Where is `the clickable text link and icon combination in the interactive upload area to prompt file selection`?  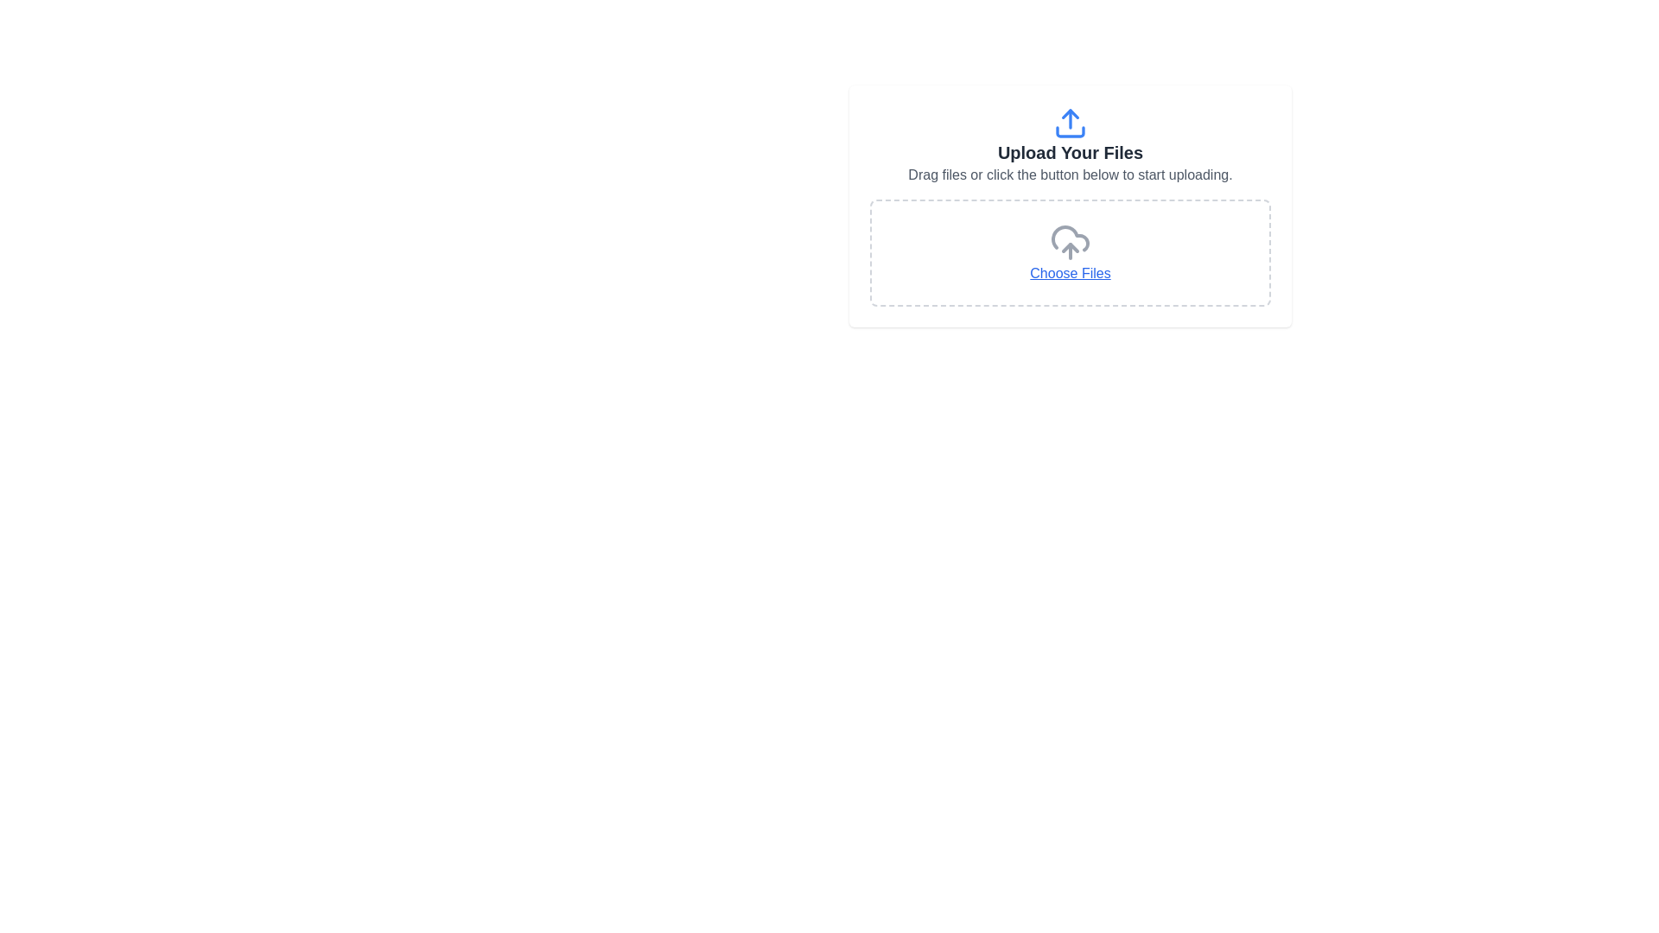 the clickable text link and icon combination in the interactive upload area to prompt file selection is located at coordinates (1069, 253).